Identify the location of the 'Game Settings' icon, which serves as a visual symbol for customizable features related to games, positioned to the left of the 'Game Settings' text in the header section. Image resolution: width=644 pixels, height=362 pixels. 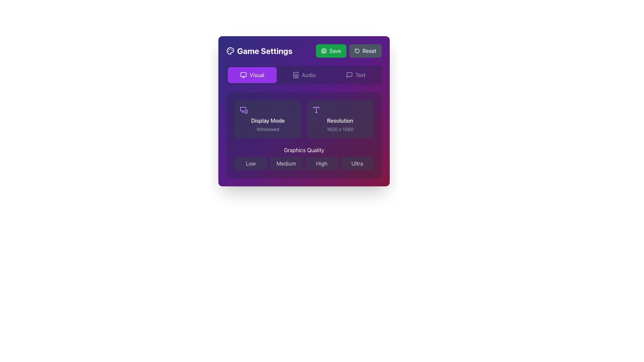
(230, 50).